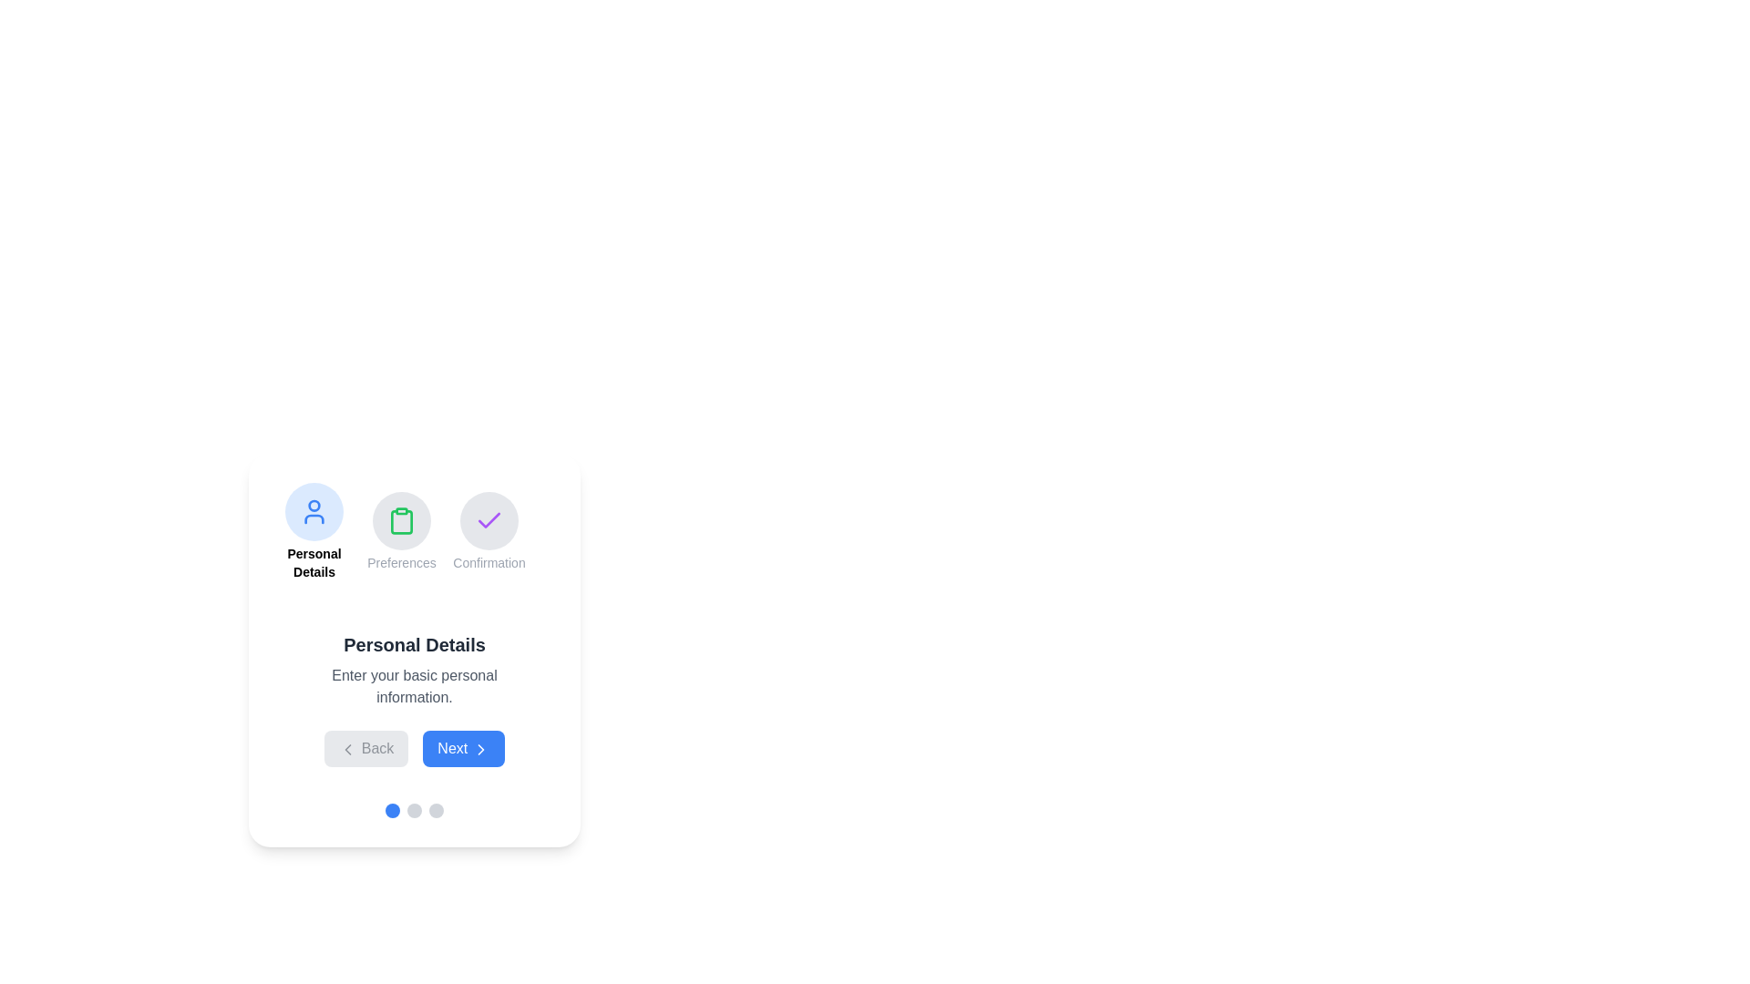 This screenshot has width=1750, height=984. Describe the element at coordinates (480, 749) in the screenshot. I see `the 'Next' button located in the bottom right of the card interface` at that location.